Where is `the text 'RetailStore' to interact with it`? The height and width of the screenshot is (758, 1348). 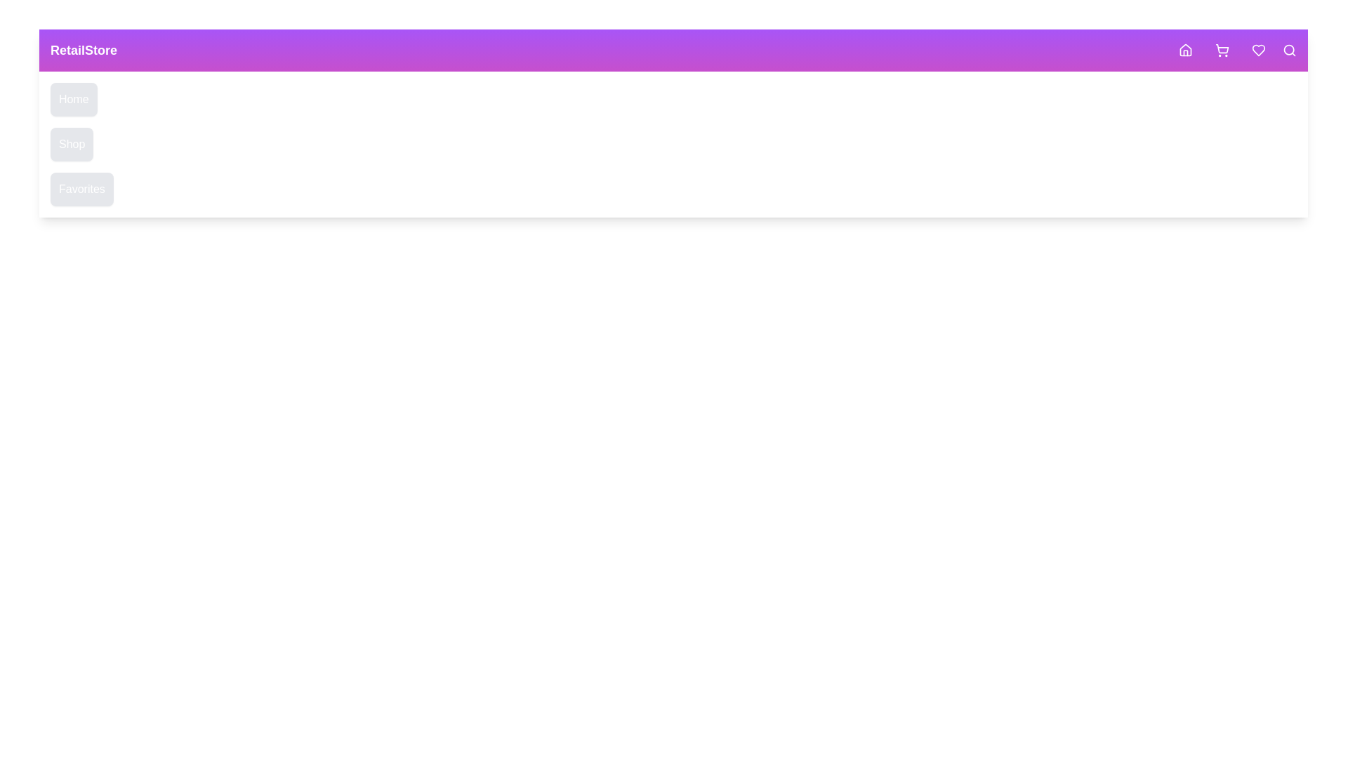 the text 'RetailStore' to interact with it is located at coordinates (83, 50).